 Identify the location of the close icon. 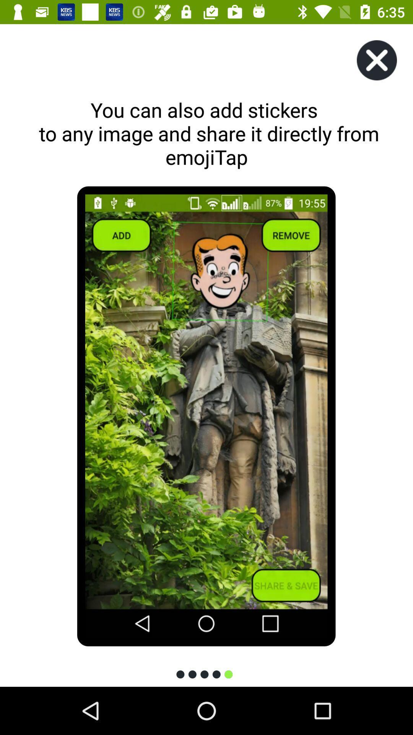
(376, 60).